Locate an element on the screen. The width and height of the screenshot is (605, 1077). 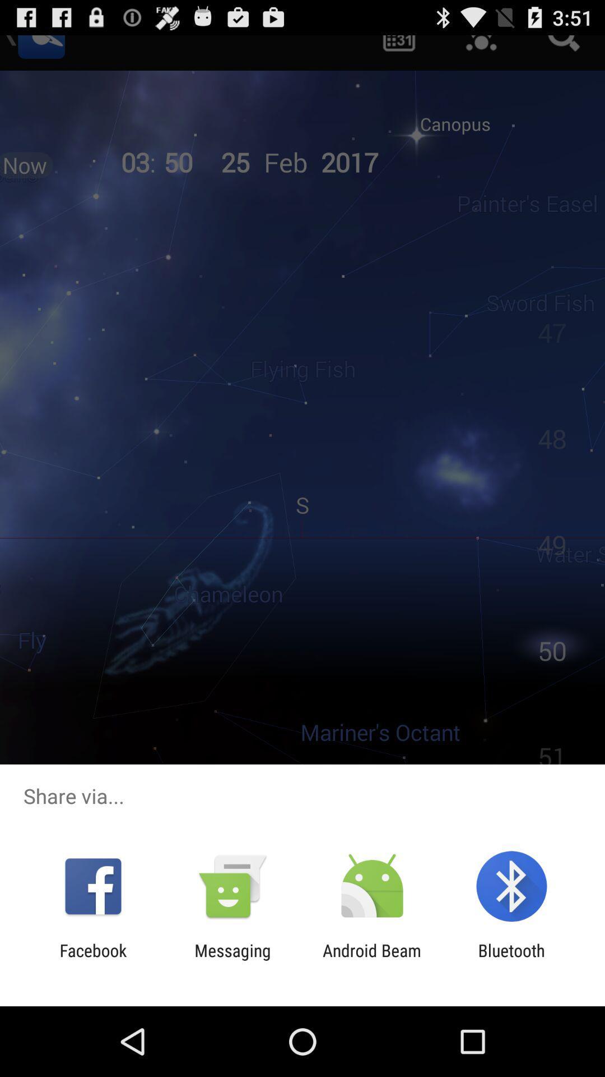
the app to the left of the android beam item is located at coordinates (232, 960).